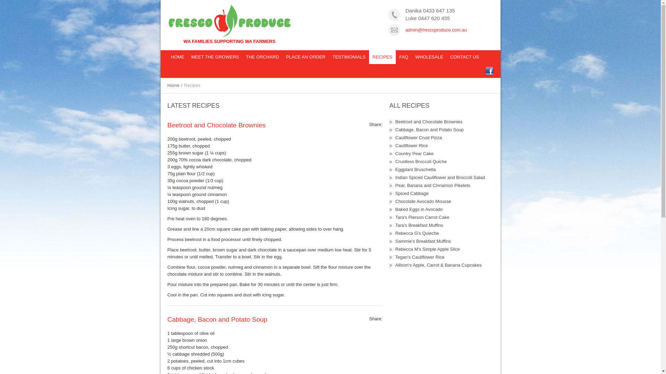  I want to click on 'WHOLESALE', so click(429, 57).